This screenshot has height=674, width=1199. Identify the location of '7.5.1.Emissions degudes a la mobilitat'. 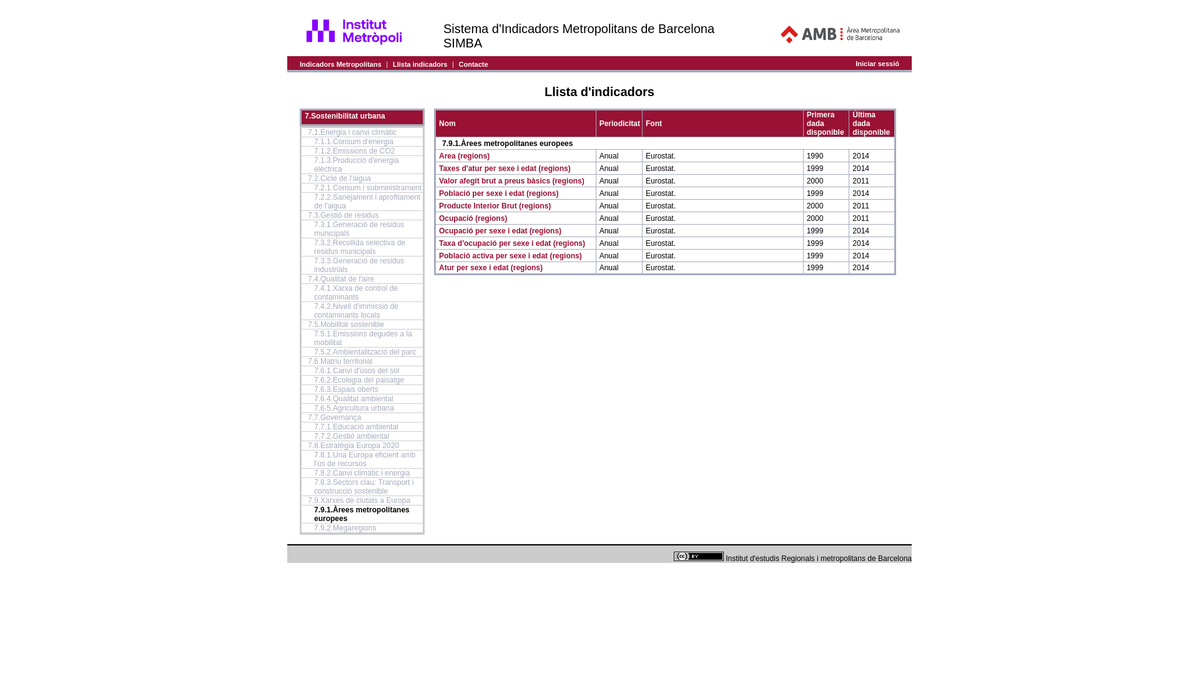
(362, 338).